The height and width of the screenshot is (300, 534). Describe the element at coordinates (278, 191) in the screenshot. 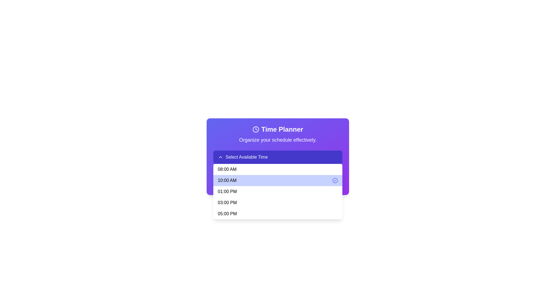

I see `the third time option in the schedule selection dropdown menu, located below the 'Select Available Time' button, which is positioned between '10:00 AM' and '03:00 PM'` at that location.